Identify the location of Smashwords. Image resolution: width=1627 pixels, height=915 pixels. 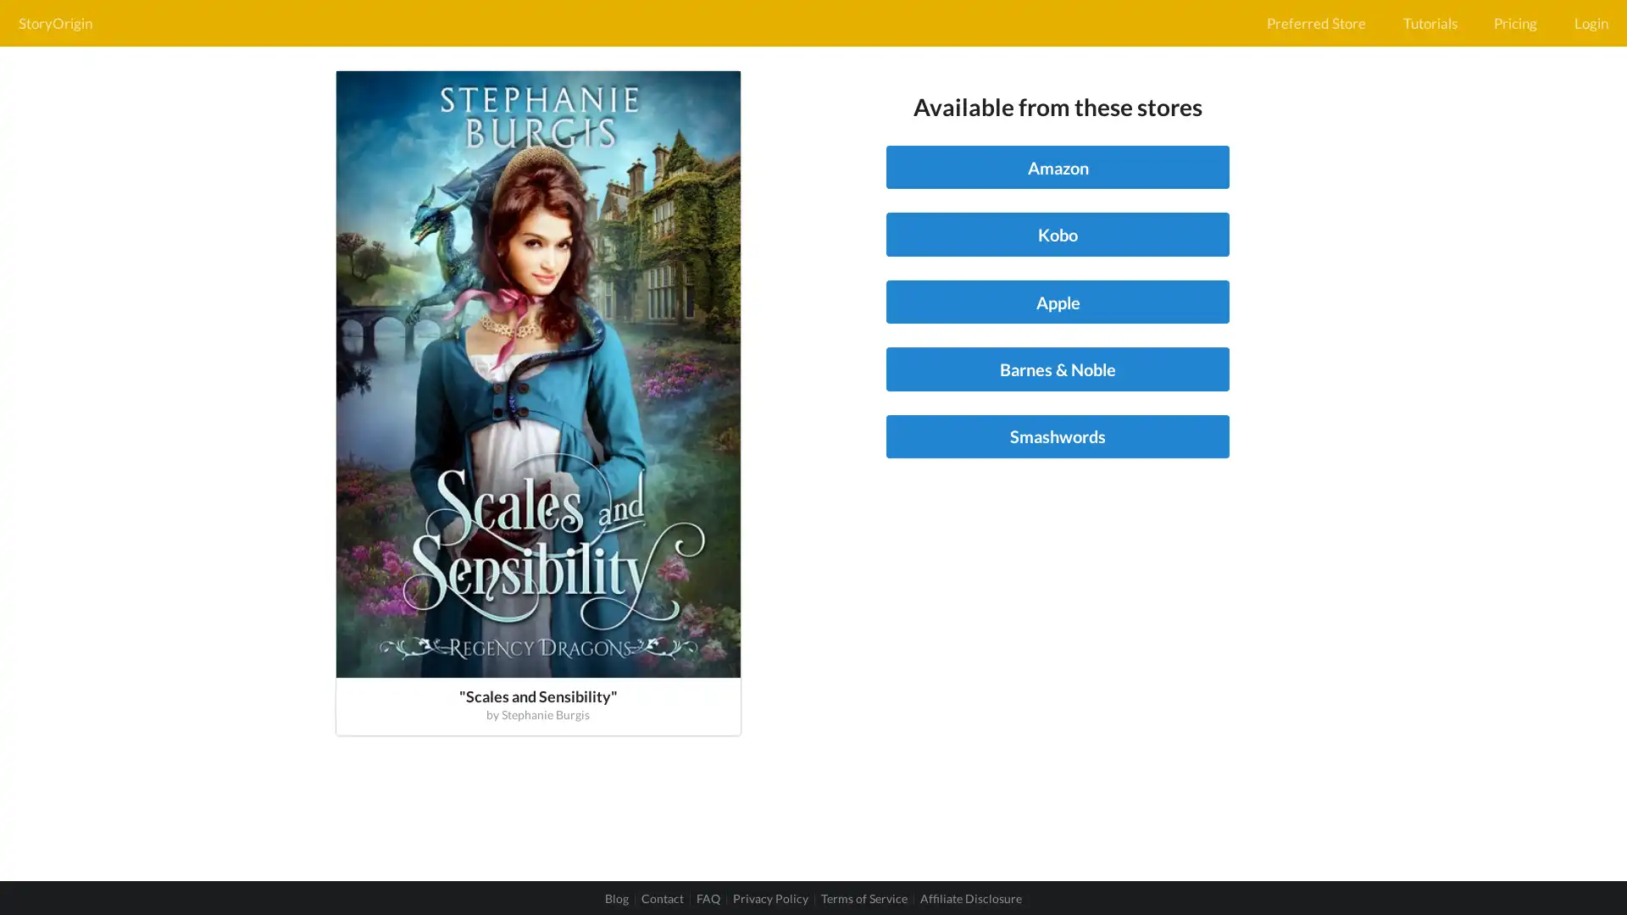
(1057, 435).